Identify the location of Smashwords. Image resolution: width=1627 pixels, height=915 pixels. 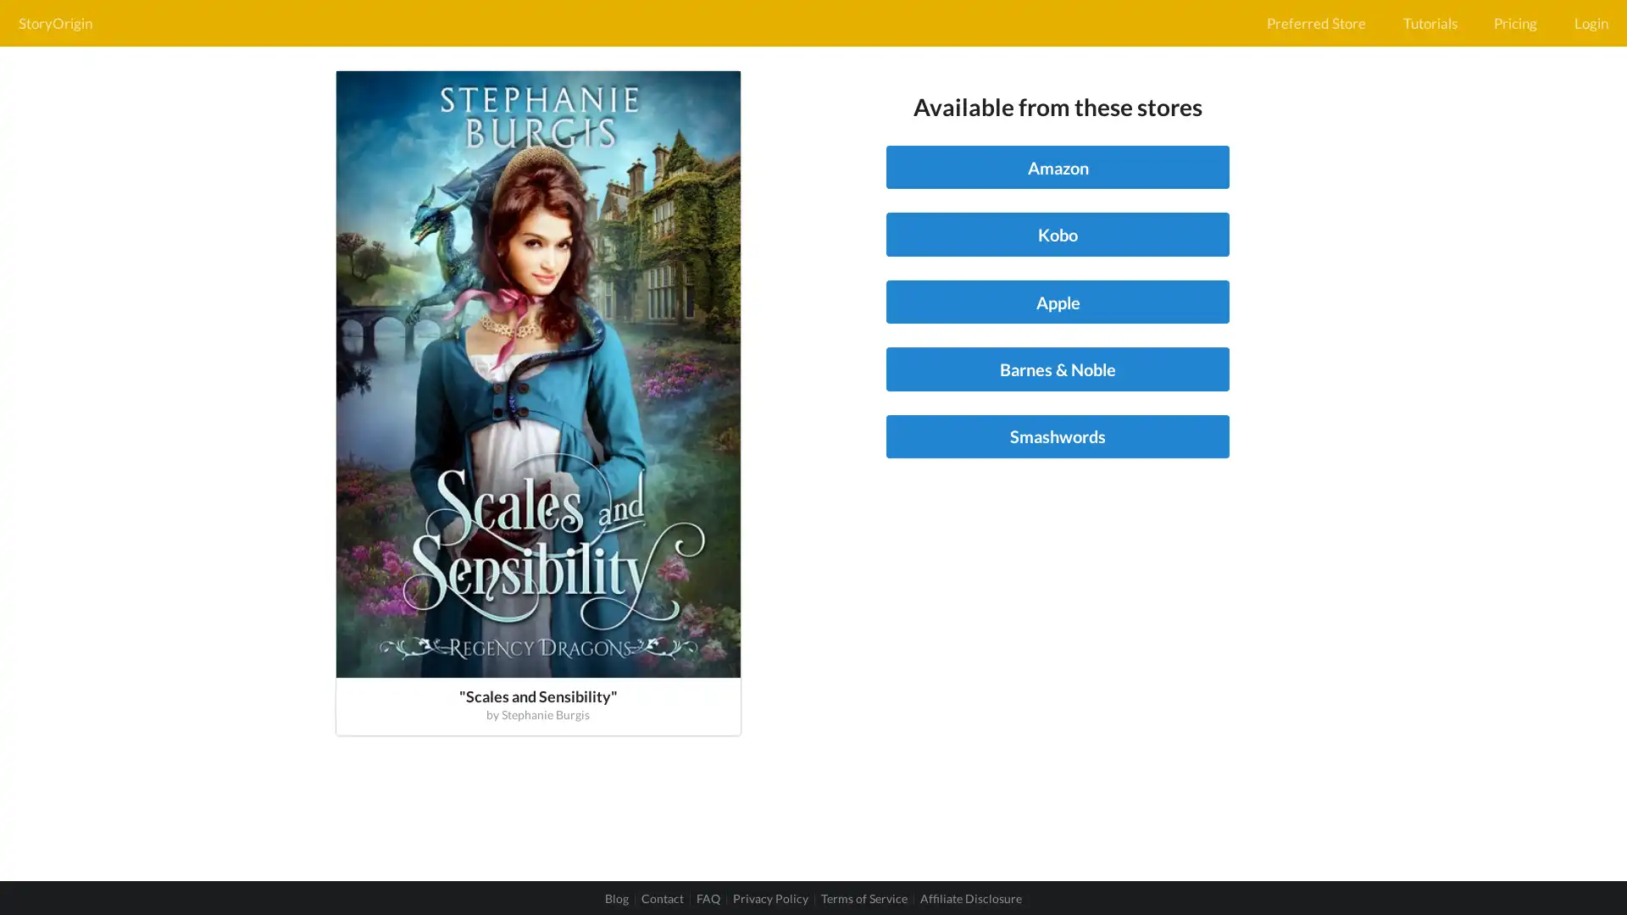
(1057, 435).